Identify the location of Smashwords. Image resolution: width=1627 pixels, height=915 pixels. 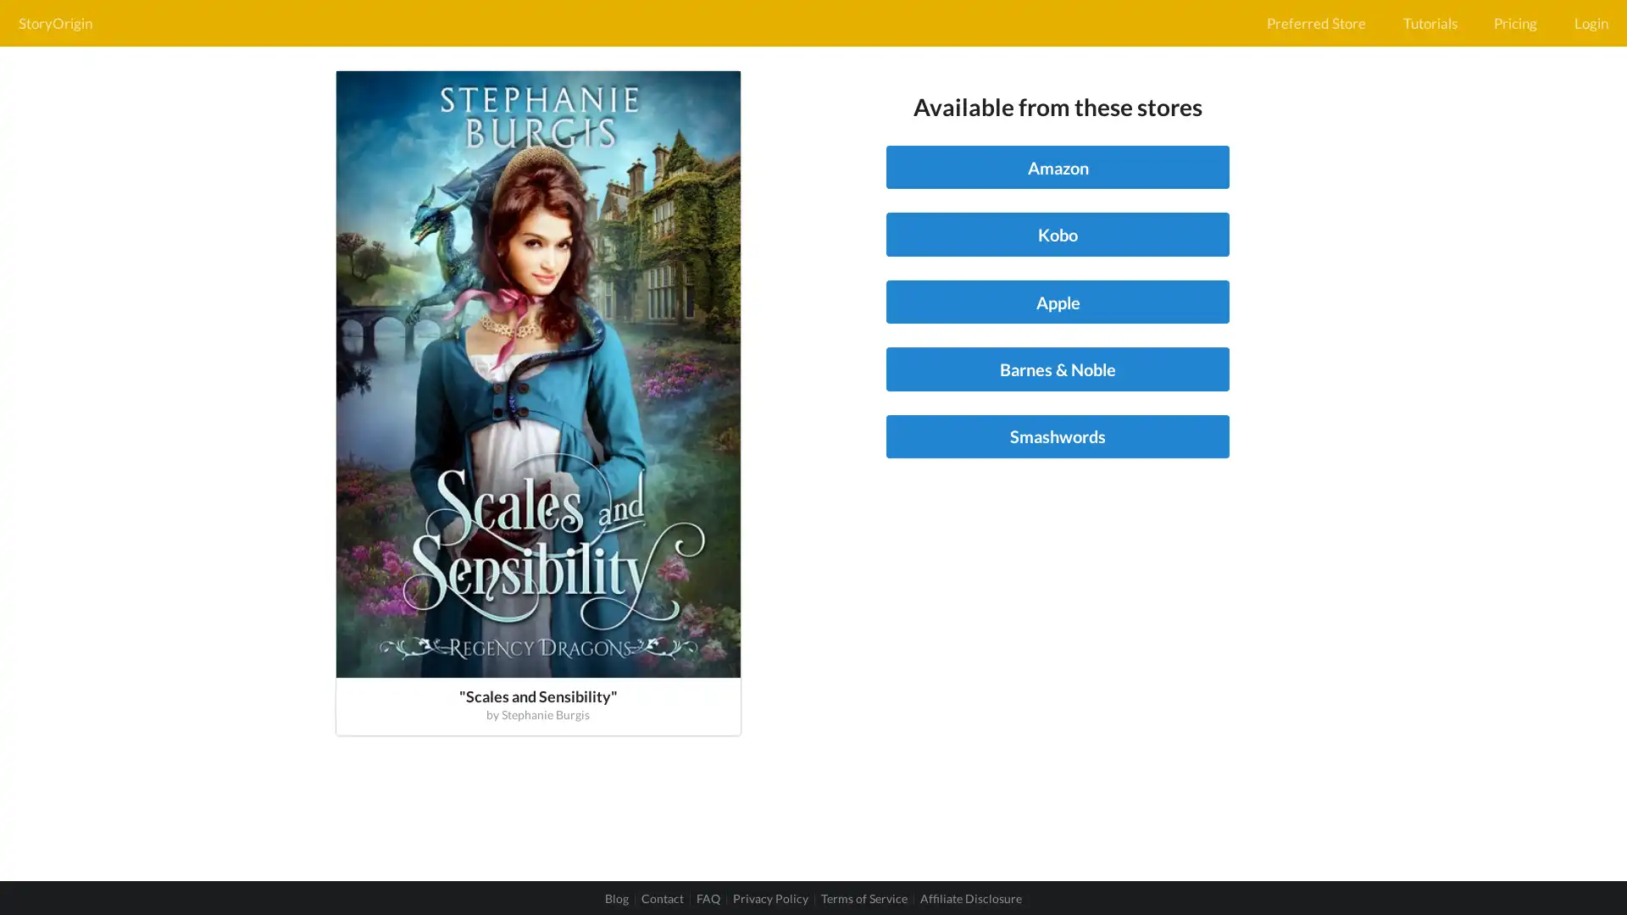
(1057, 435).